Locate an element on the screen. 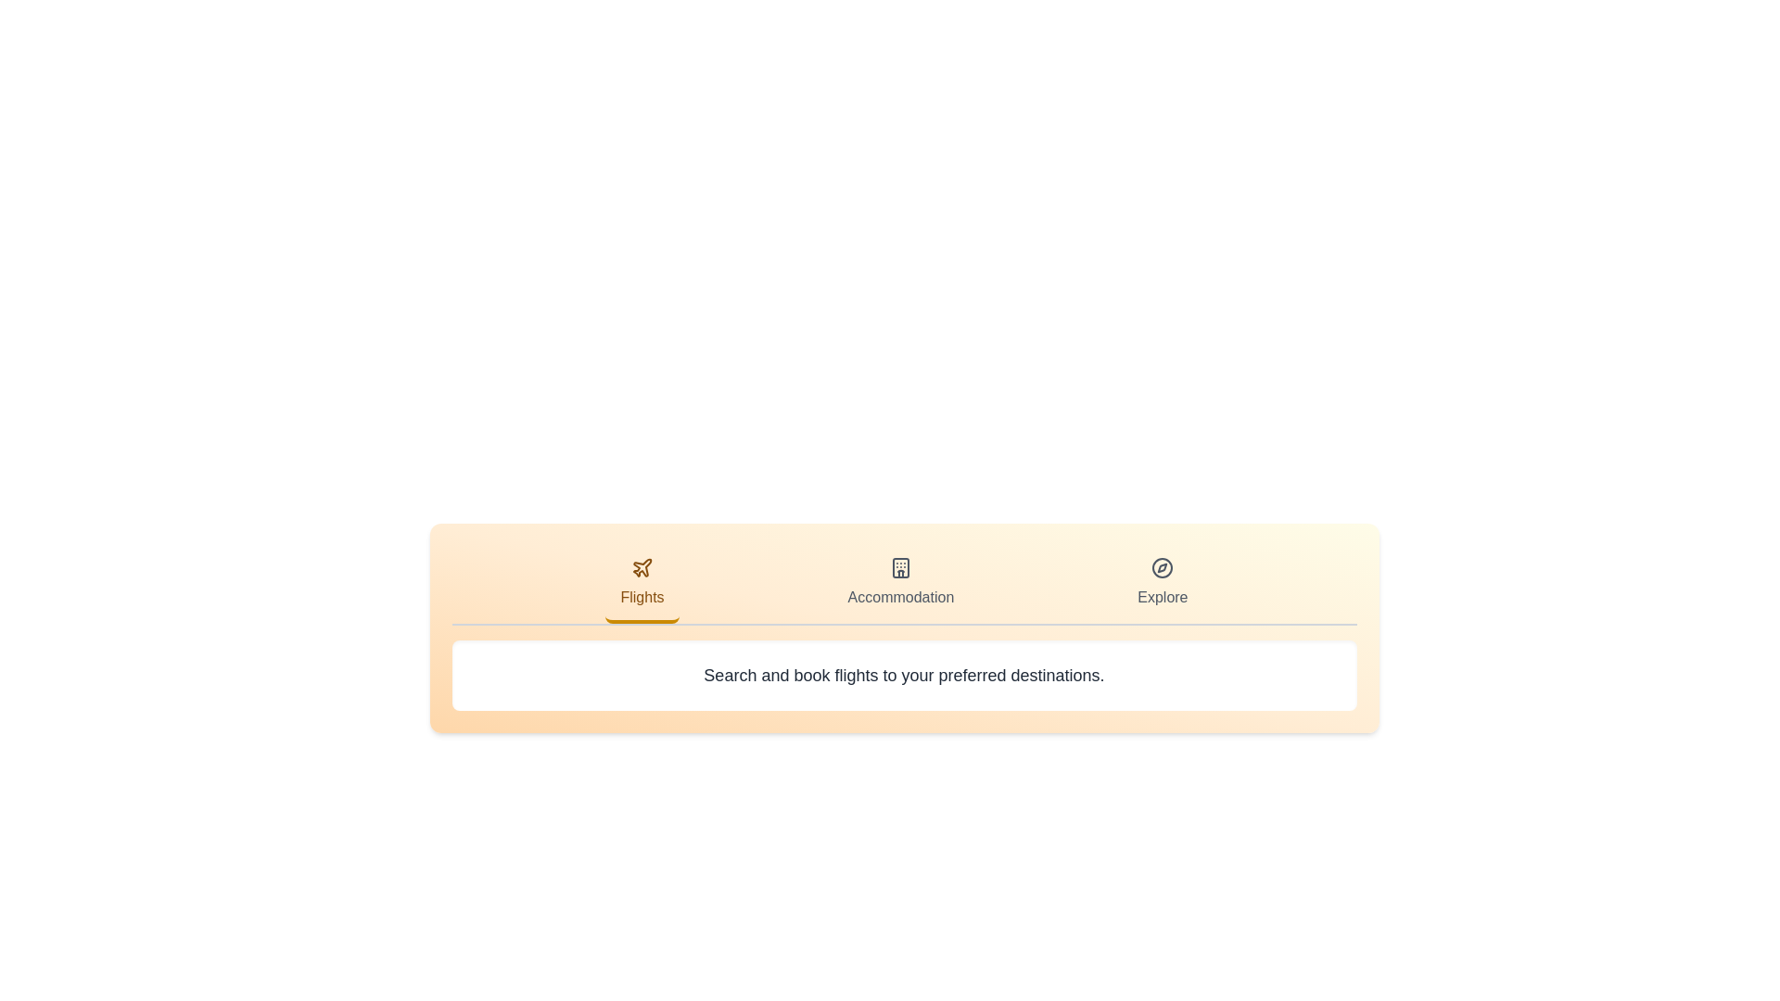  the tab labeled Flights is located at coordinates (642, 585).